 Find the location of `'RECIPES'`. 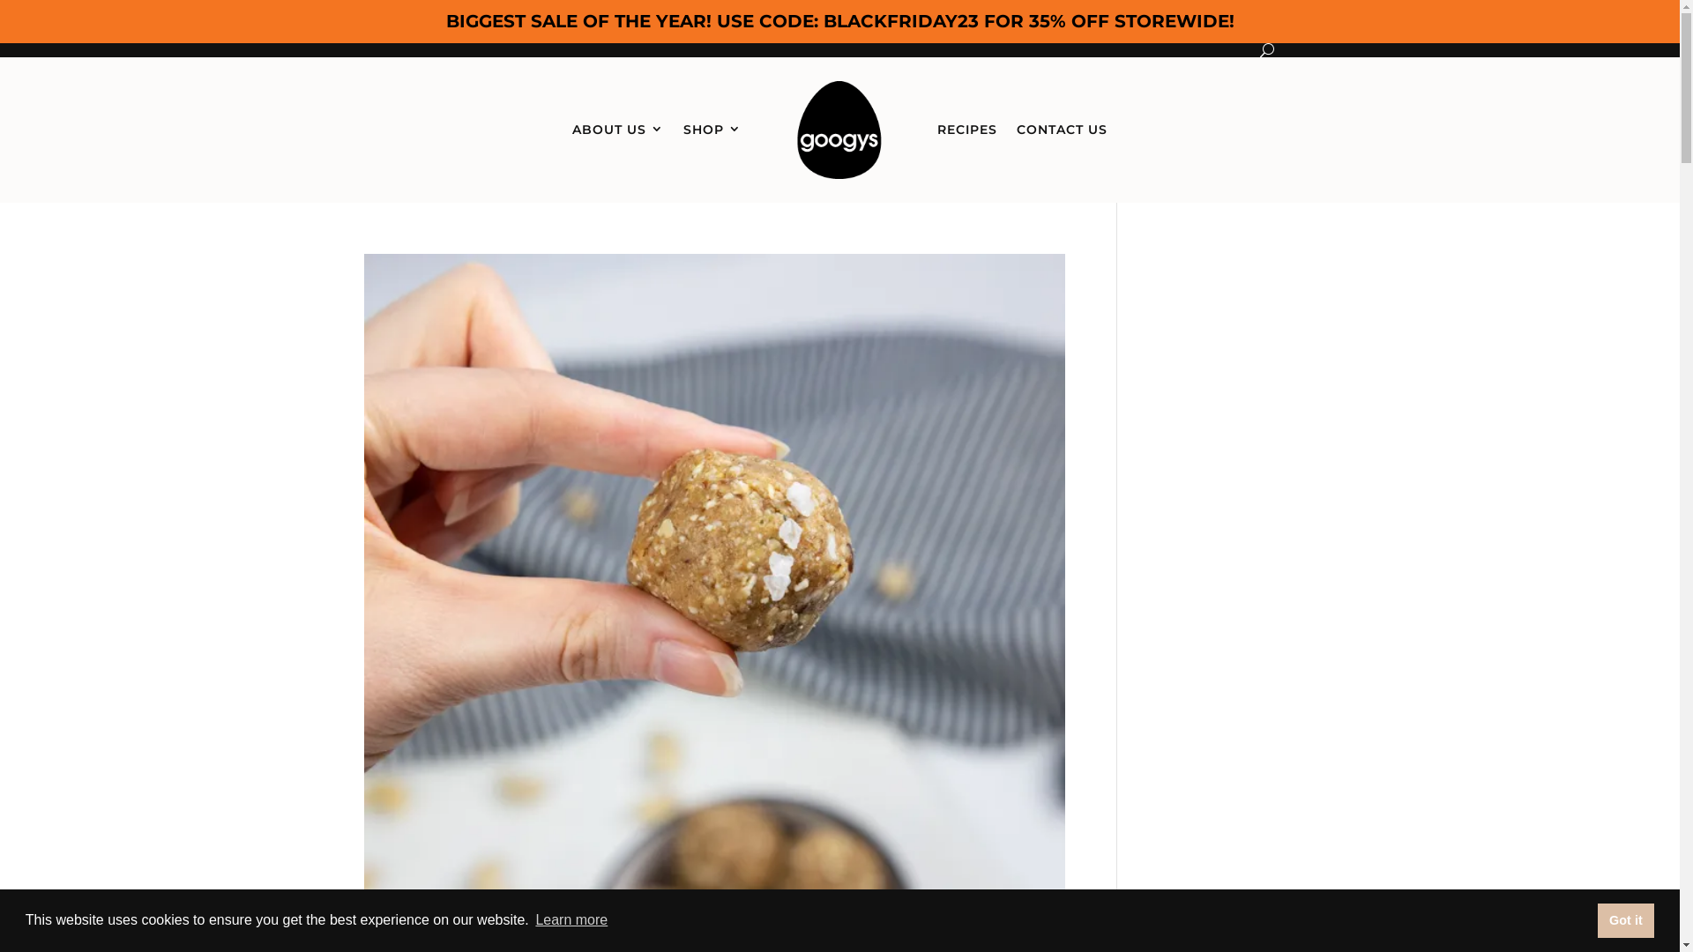

'RECIPES' is located at coordinates (966, 129).